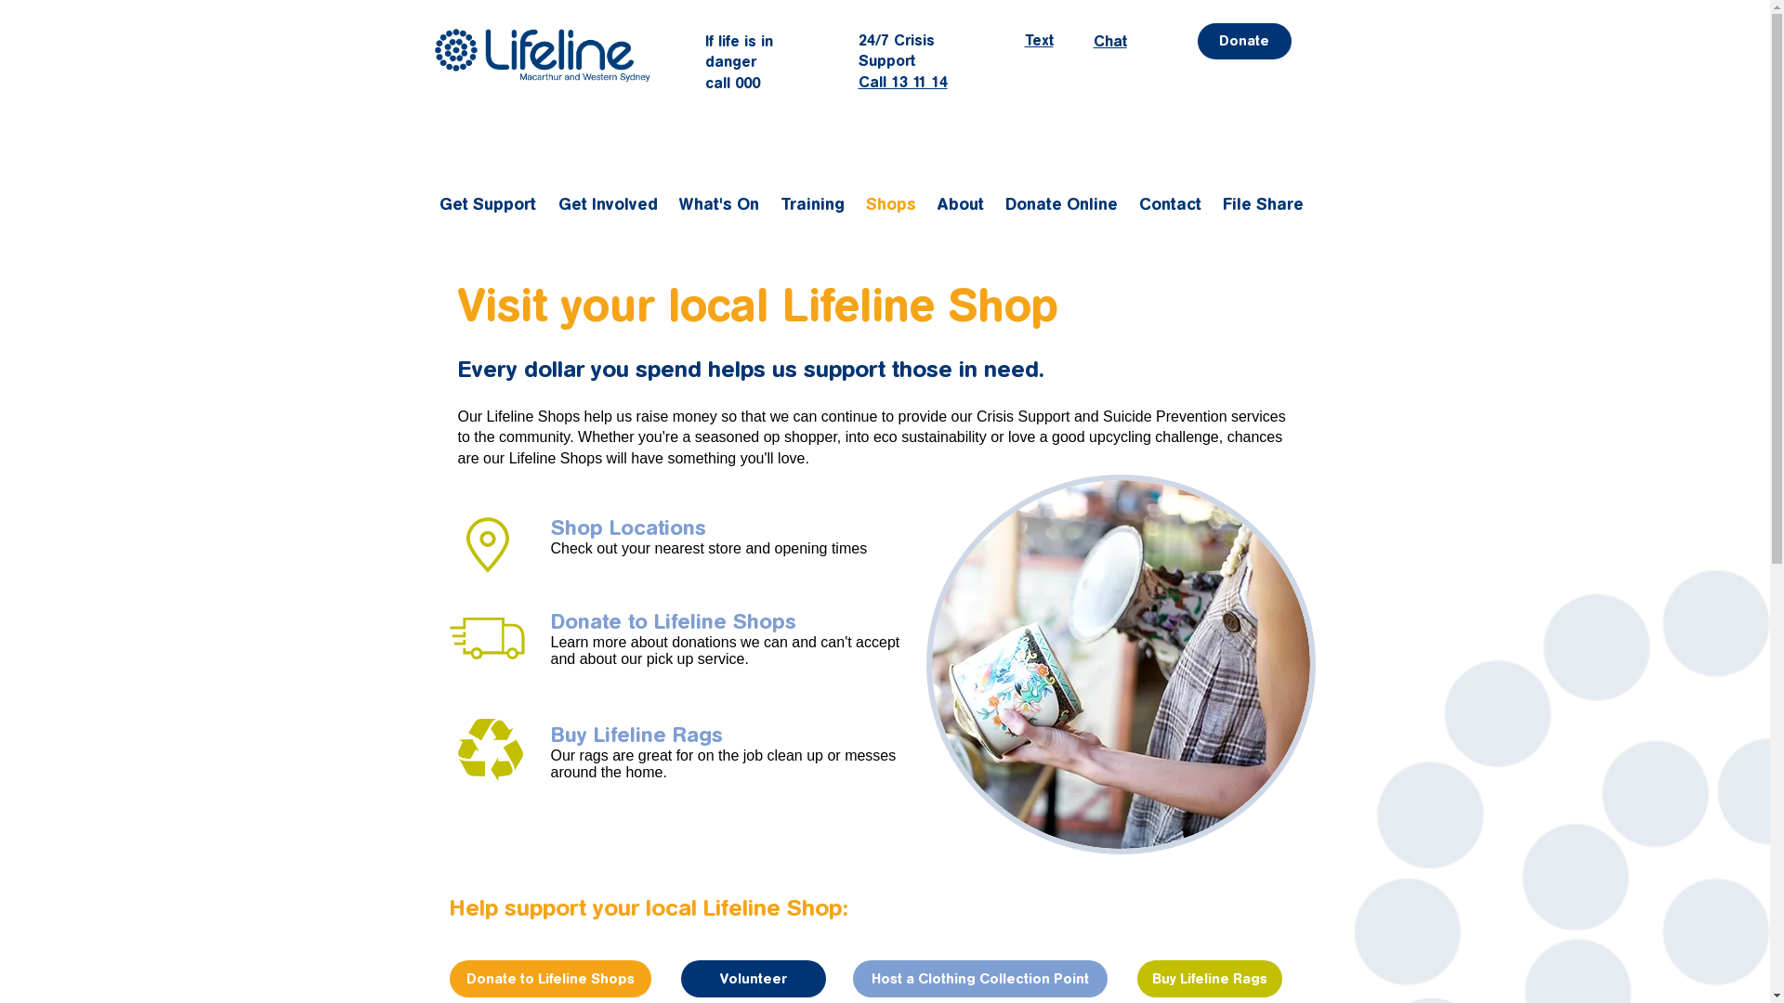 This screenshot has height=1003, width=1784. What do you see at coordinates (636, 734) in the screenshot?
I see `'Buy Lifeline Rags'` at bounding box center [636, 734].